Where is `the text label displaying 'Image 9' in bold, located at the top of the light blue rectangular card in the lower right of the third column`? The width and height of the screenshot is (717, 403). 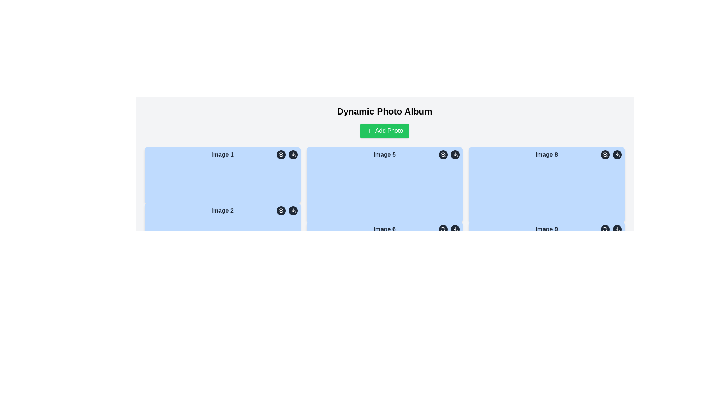
the text label displaying 'Image 9' in bold, located at the top of the light blue rectangular card in the lower right of the third column is located at coordinates (547, 229).